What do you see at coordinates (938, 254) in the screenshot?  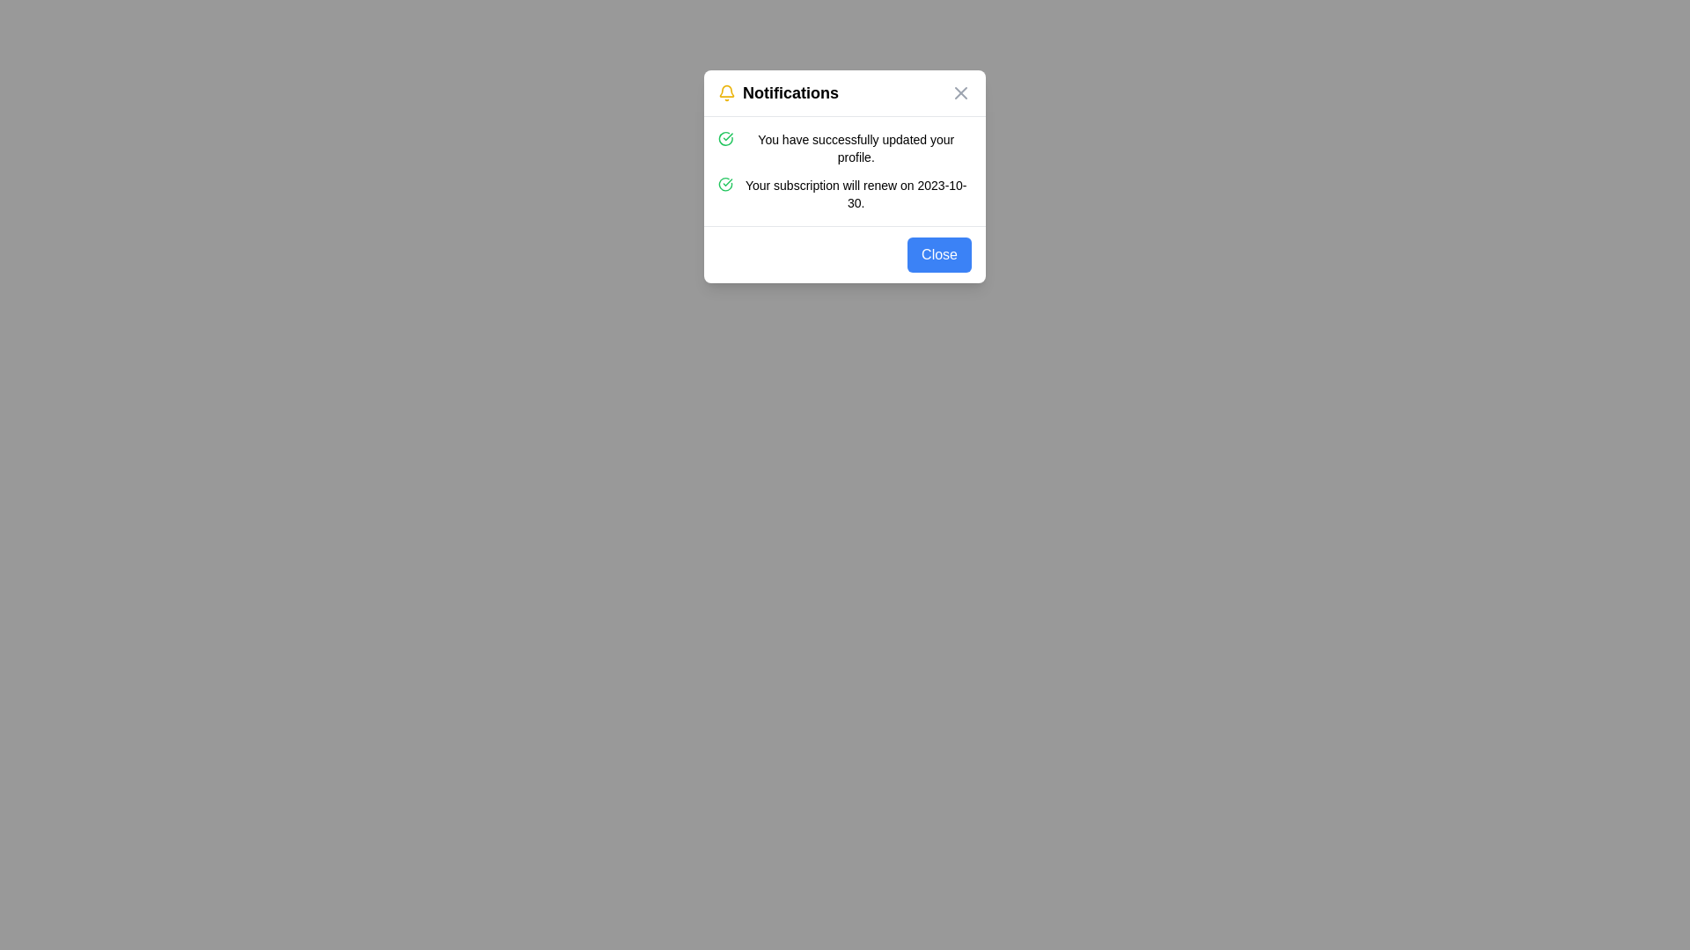 I see `the dismiss button located at the bottom-right corner of the notification dialog box` at bounding box center [938, 254].